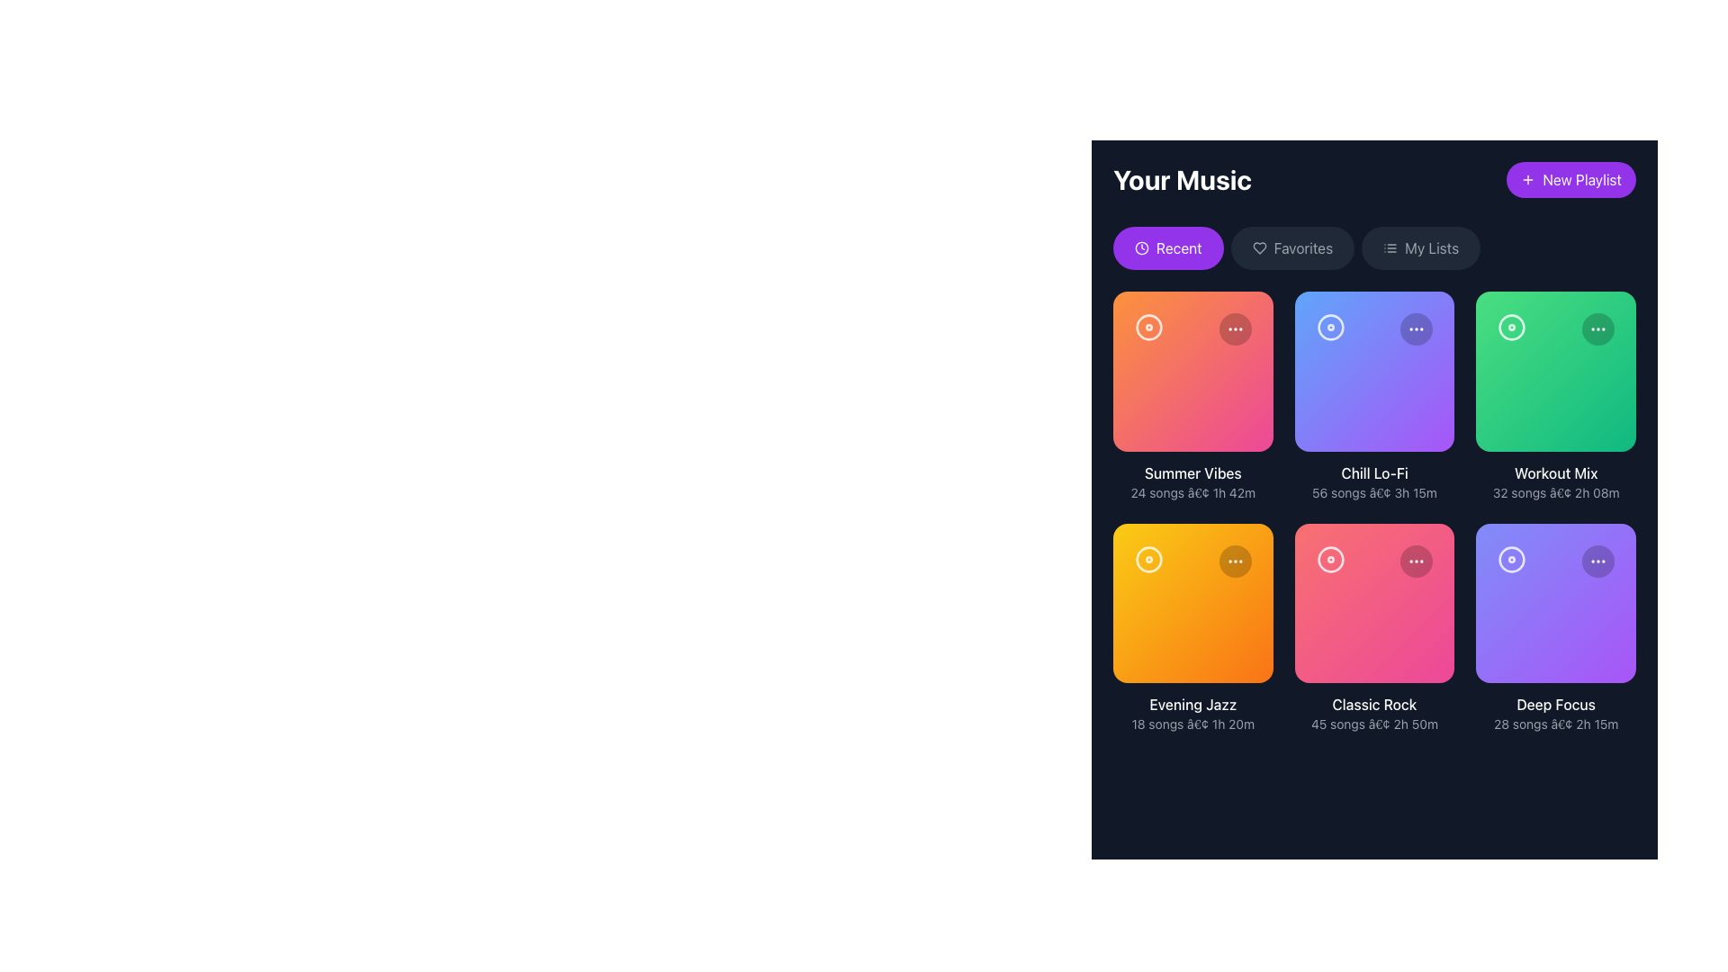 The height and width of the screenshot is (972, 1728). I want to click on the 'Favorites' button, which is the second button in a group of three at the top of the user interface, so click(1291, 248).